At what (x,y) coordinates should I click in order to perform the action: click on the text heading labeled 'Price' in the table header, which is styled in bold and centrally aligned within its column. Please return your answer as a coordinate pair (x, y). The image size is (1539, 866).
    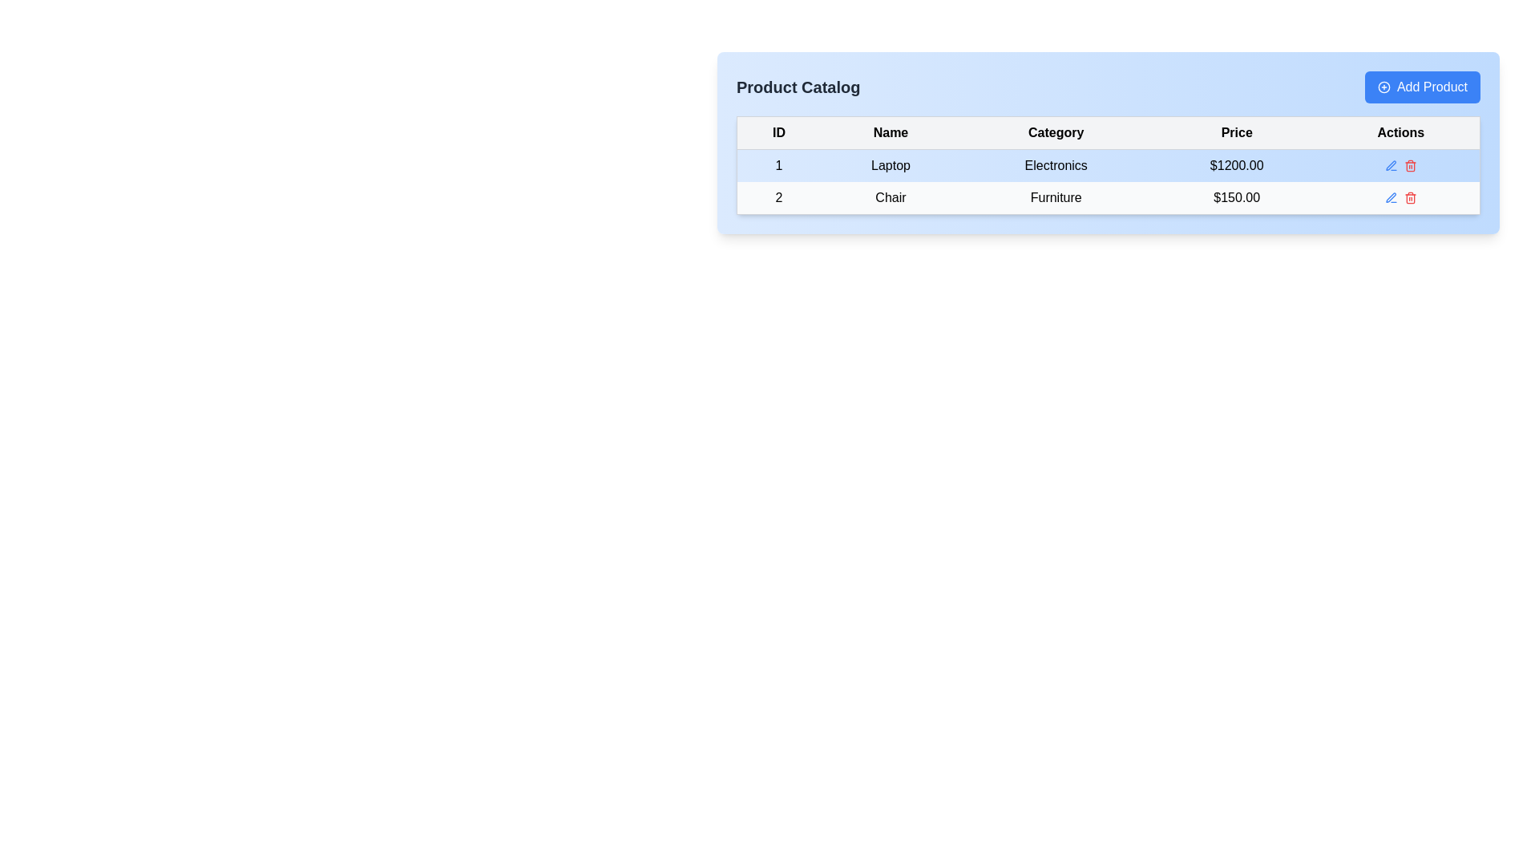
    Looking at the image, I should click on (1236, 132).